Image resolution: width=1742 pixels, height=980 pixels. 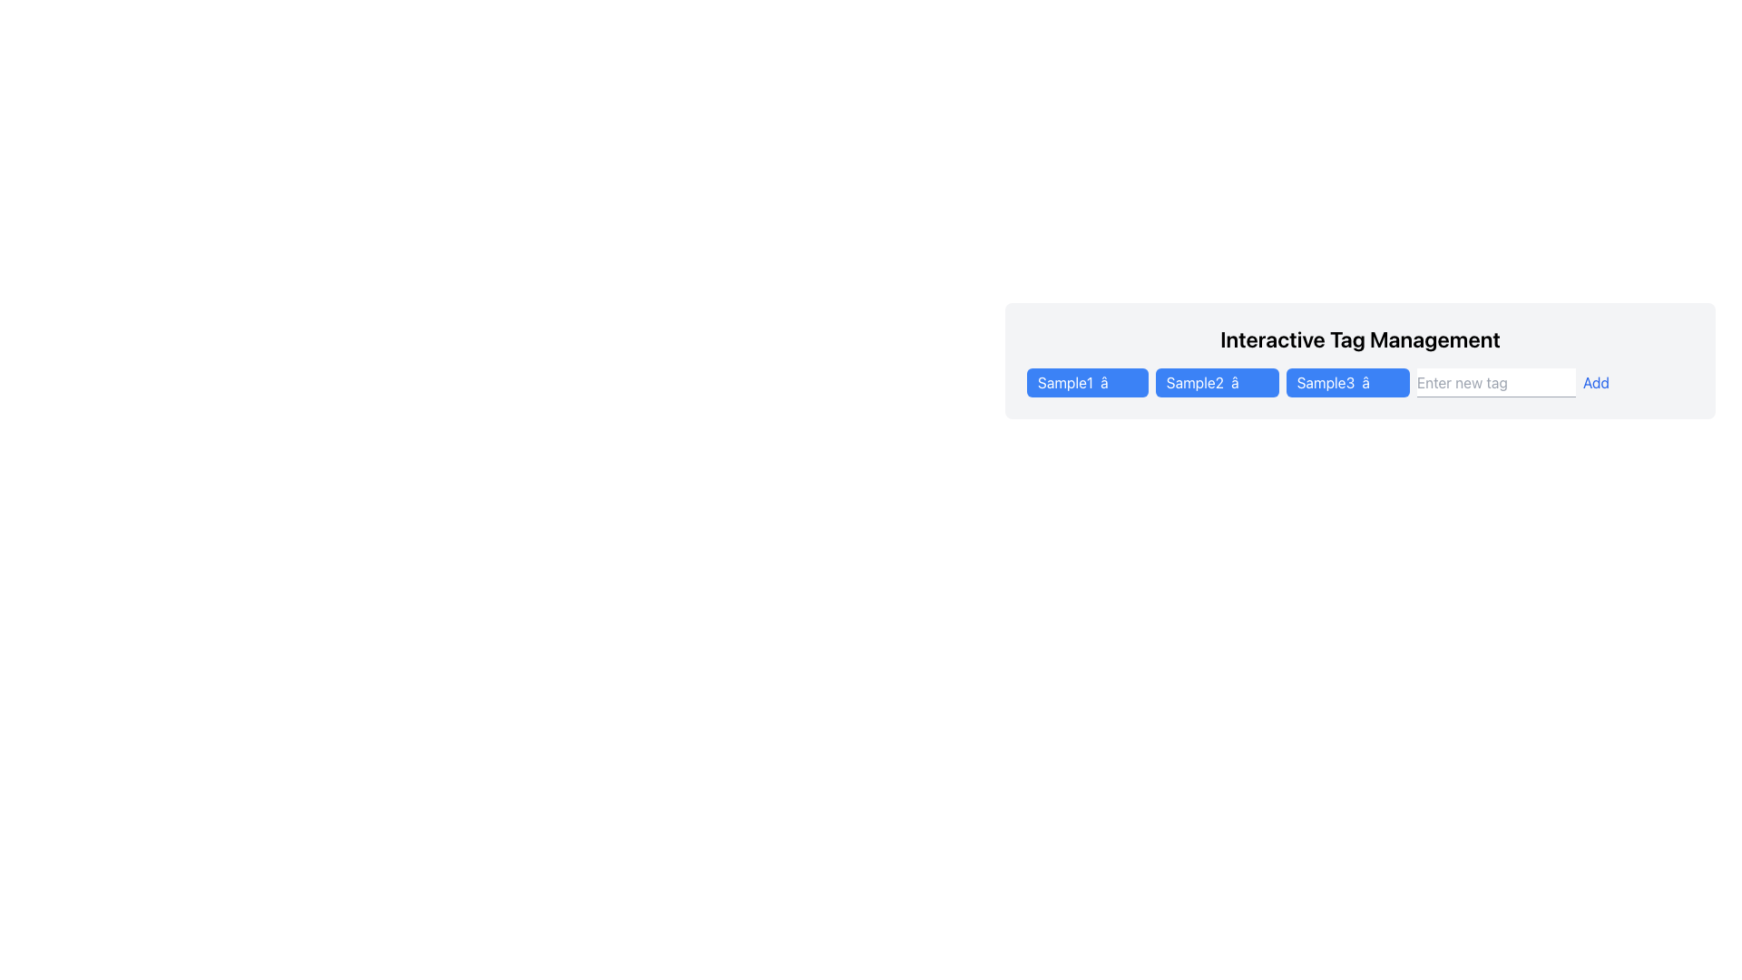 What do you see at coordinates (1595, 381) in the screenshot?
I see `the blue 'Add' button` at bounding box center [1595, 381].